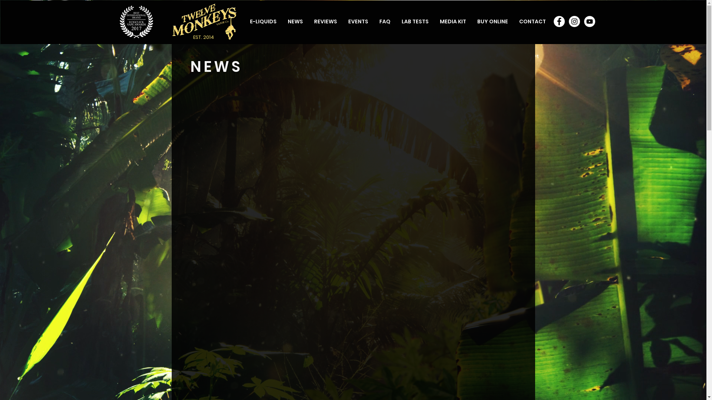 This screenshot has height=400, width=712. I want to click on 'EVENTS', so click(358, 21).